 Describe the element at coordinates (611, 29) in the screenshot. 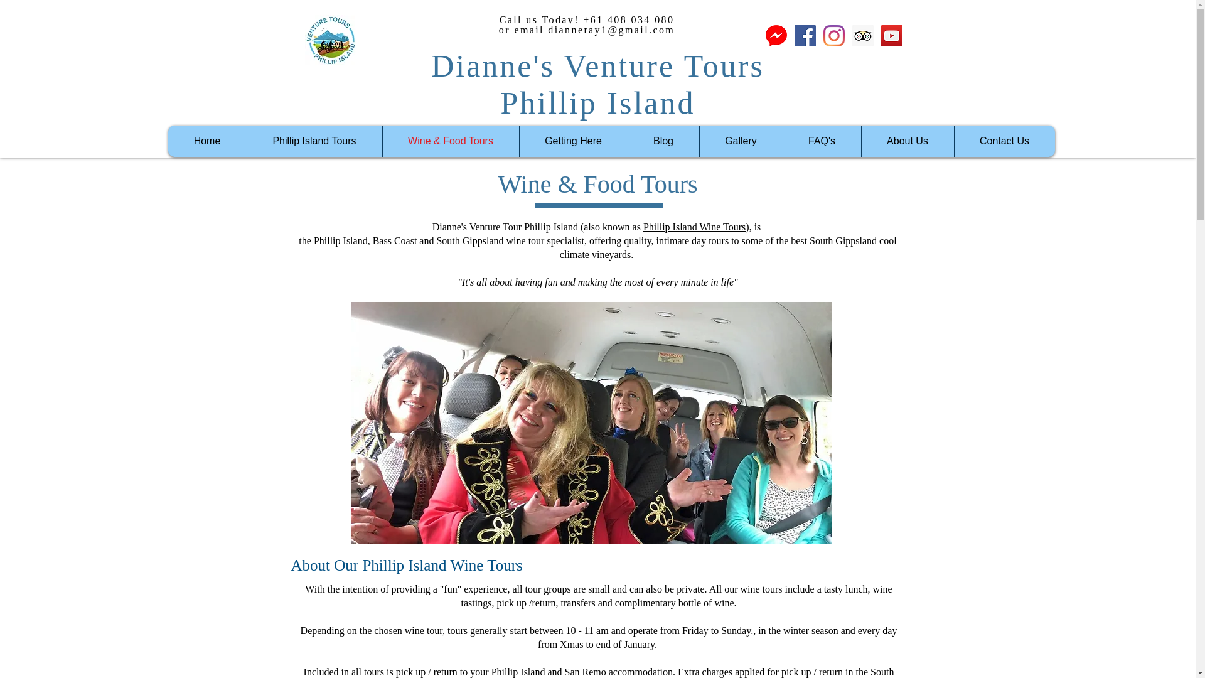

I see `'dianneray1@gmail.com'` at that location.